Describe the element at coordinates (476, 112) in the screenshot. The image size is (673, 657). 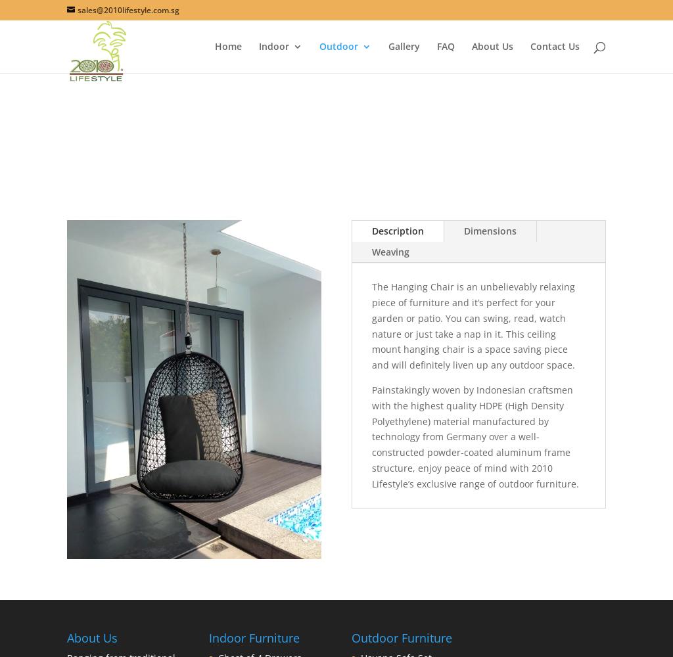
I see `'Chaise Sun Loungers'` at that location.